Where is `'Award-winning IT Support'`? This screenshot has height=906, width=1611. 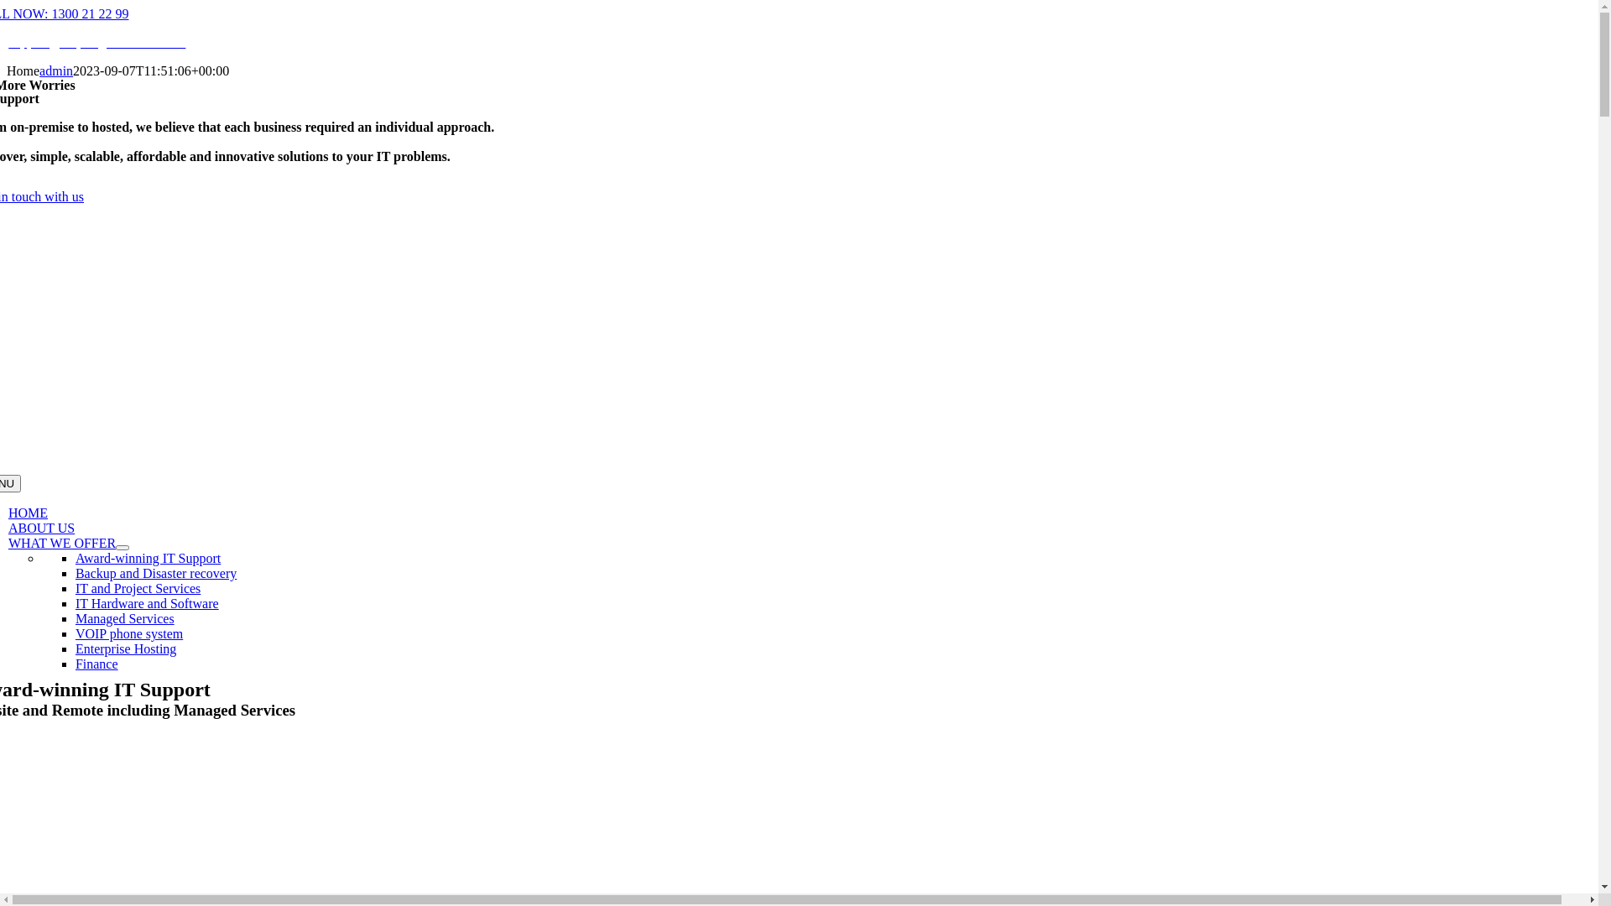
'Award-winning IT Support' is located at coordinates (75, 558).